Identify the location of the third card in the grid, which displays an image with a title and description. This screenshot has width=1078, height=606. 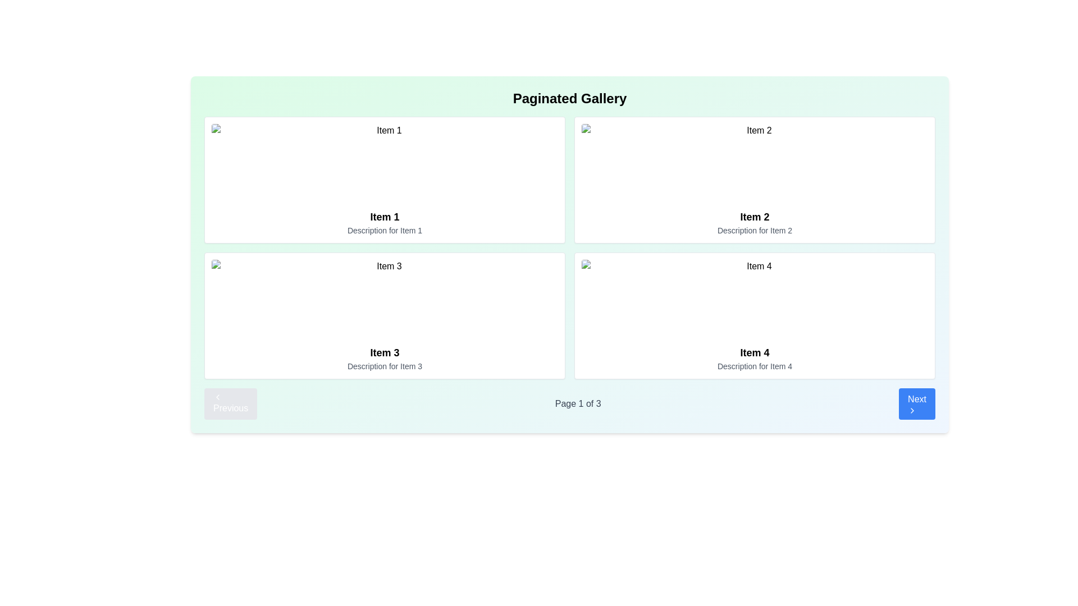
(385, 316).